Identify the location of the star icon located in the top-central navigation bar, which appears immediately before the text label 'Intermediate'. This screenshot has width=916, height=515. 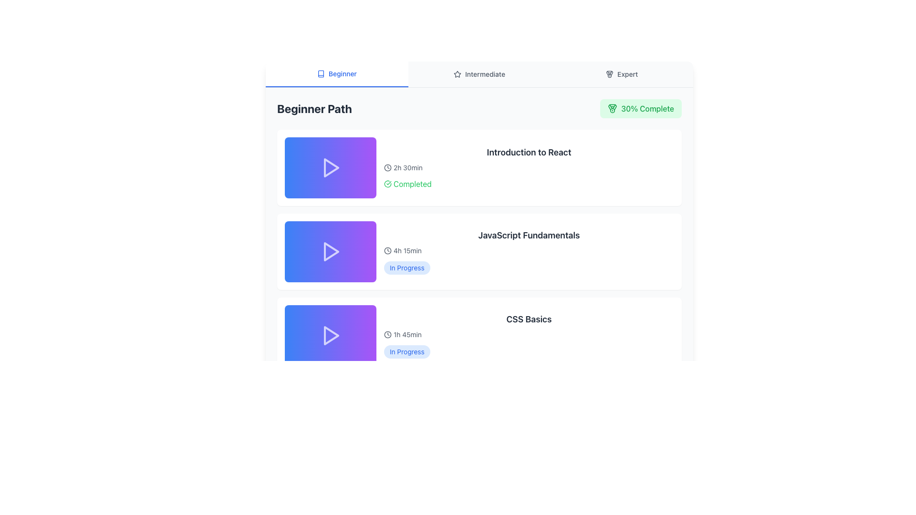
(457, 73).